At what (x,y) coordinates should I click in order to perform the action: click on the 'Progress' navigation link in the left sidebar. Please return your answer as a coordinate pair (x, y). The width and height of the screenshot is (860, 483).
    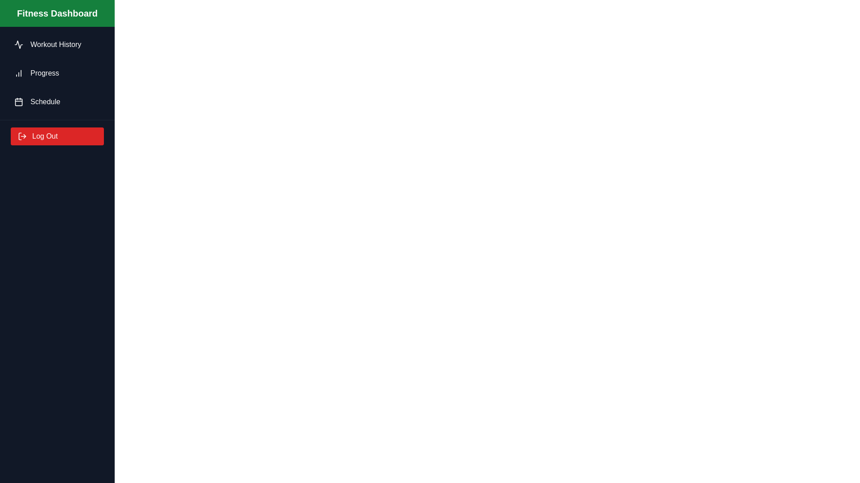
    Looking at the image, I should click on (57, 73).